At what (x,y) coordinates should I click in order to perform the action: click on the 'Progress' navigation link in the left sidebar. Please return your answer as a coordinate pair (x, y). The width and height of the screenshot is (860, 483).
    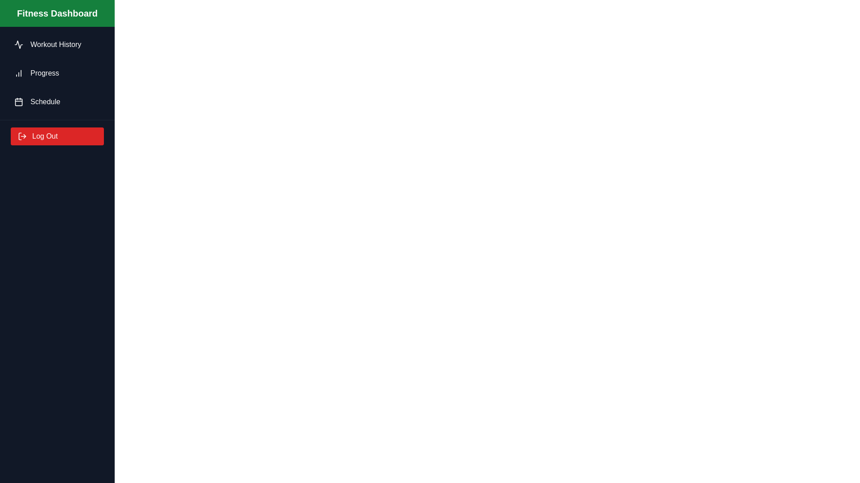
    Looking at the image, I should click on (57, 73).